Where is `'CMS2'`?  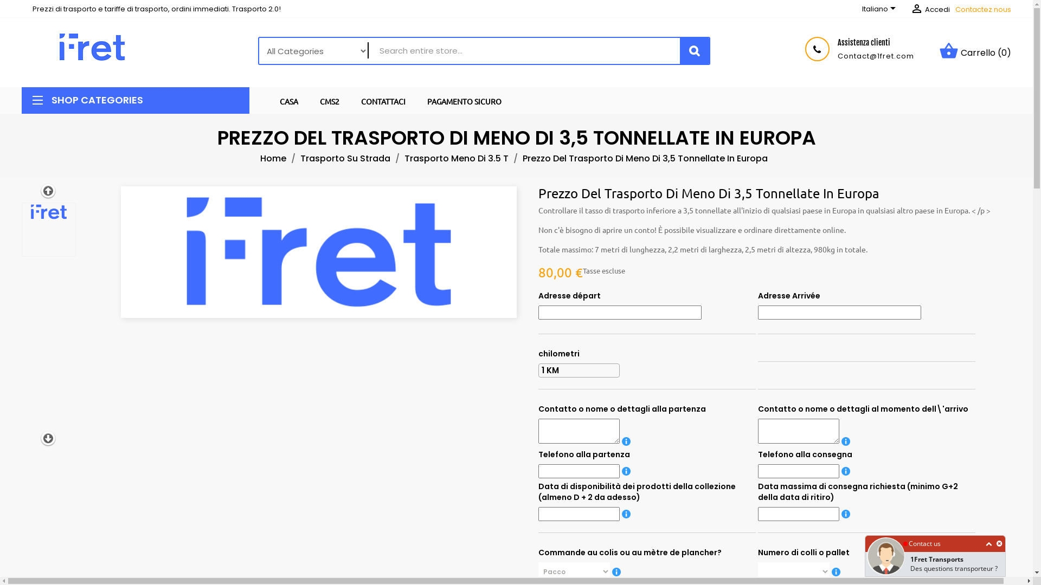 'CMS2' is located at coordinates (329, 100).